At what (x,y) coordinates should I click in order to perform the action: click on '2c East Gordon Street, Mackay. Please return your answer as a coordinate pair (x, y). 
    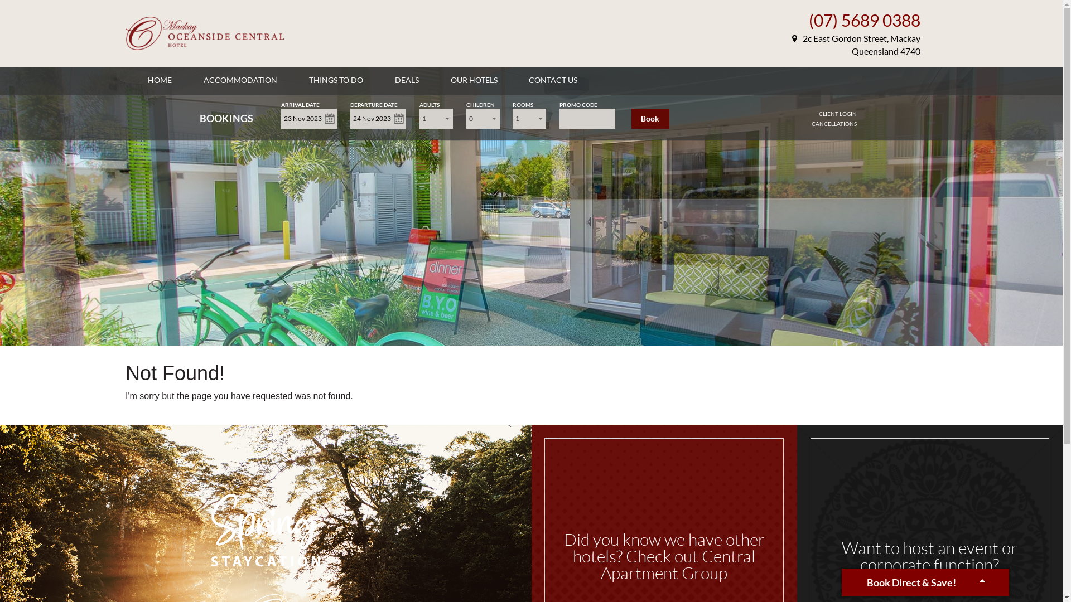
    Looking at the image, I should click on (856, 44).